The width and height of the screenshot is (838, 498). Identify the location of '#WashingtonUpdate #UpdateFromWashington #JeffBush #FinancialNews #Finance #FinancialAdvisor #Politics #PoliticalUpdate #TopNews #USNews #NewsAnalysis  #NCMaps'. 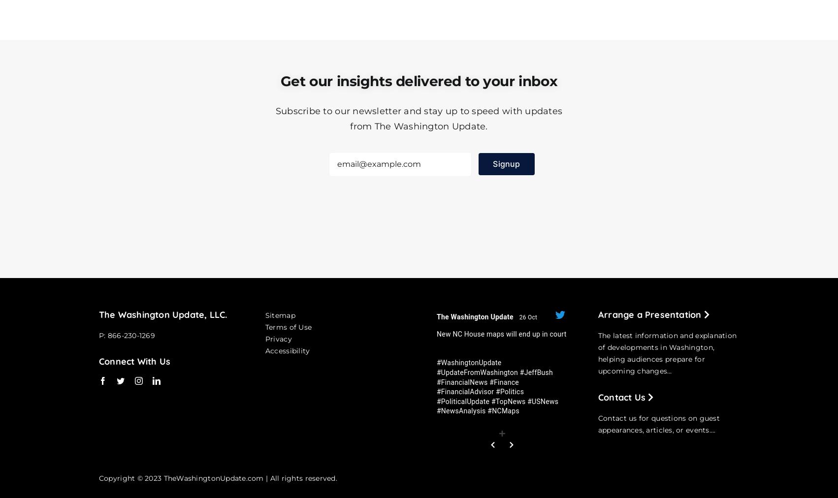
(372, 386).